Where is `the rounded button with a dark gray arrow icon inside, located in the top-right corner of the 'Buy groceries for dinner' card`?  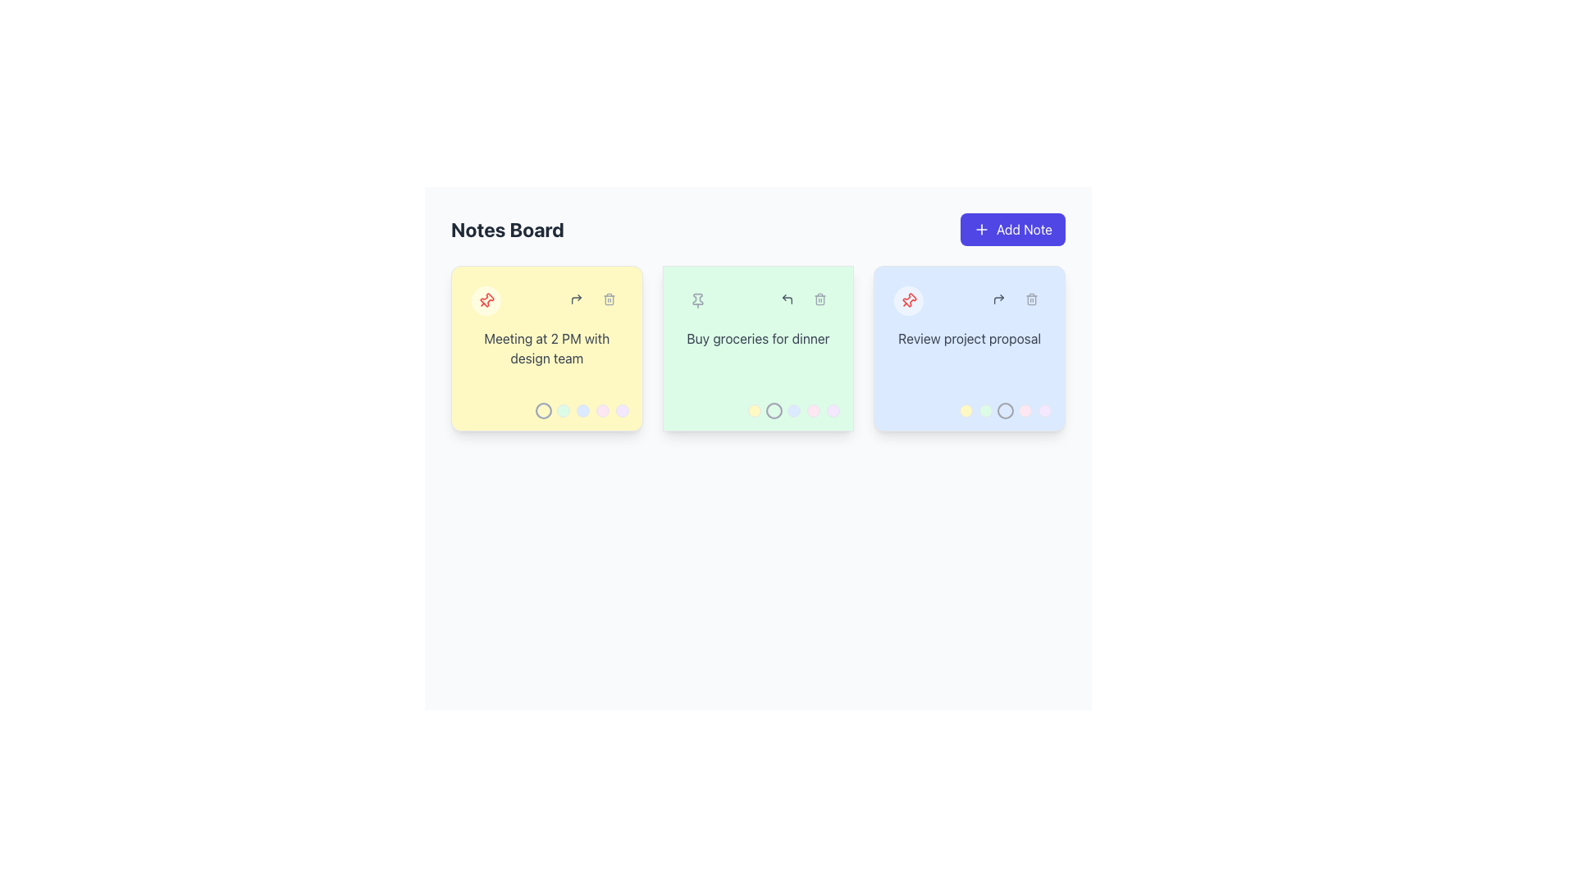 the rounded button with a dark gray arrow icon inside, located in the top-right corner of the 'Buy groceries for dinner' card is located at coordinates (787, 299).